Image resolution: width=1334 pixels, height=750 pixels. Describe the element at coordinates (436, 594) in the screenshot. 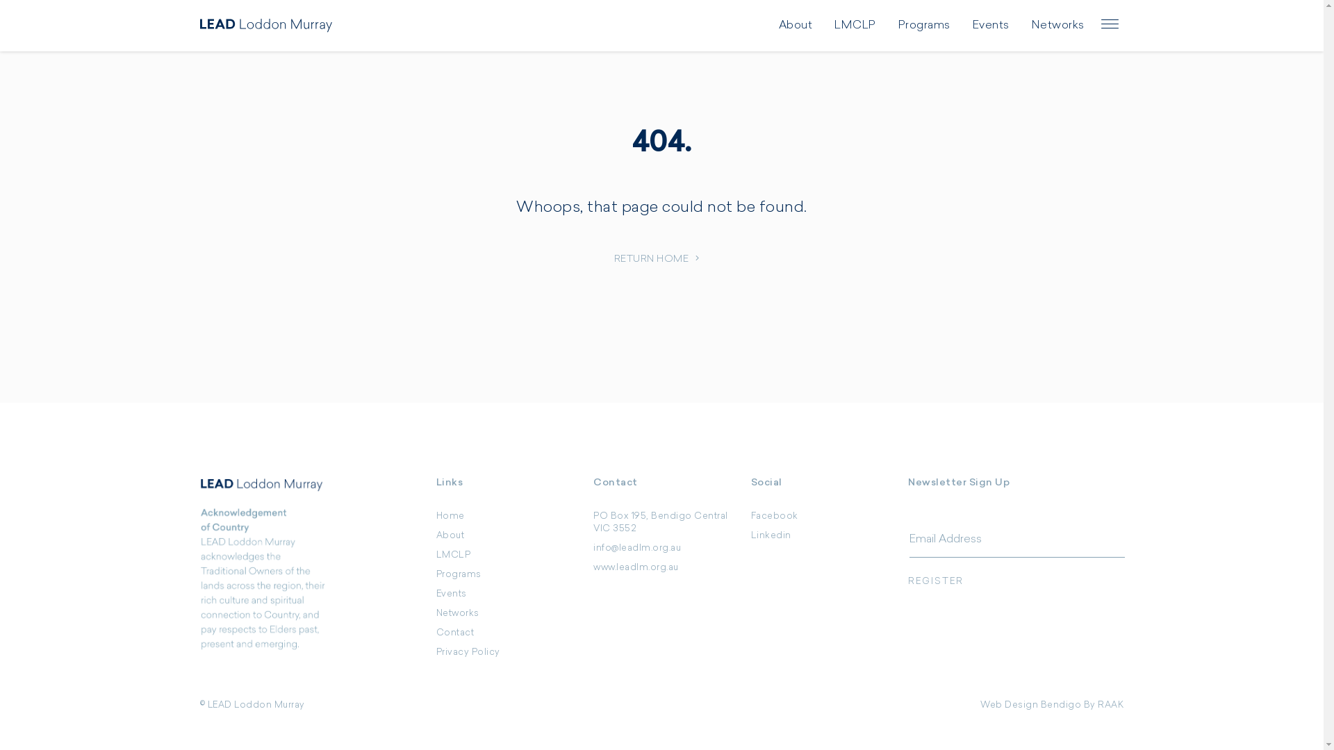

I see `'Events'` at that location.